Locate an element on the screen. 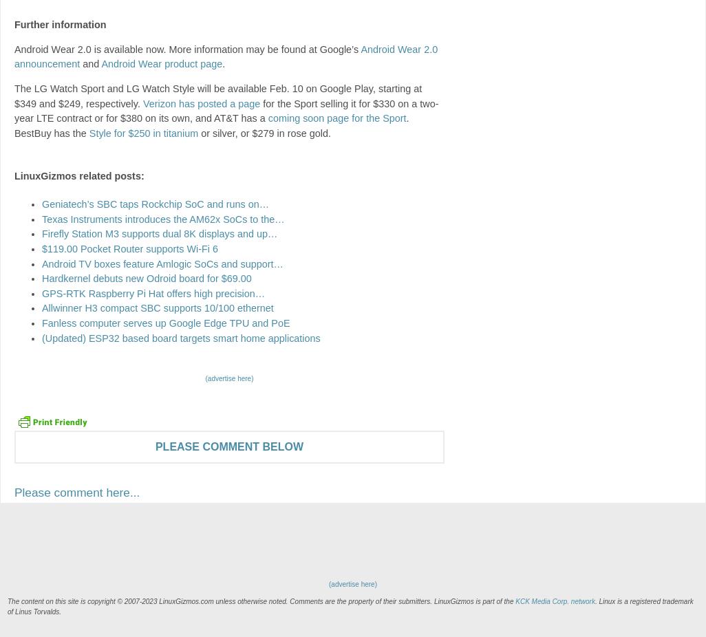  'Geniatech’s SBC taps Rockchip SoC and runs on…' is located at coordinates (156, 204).